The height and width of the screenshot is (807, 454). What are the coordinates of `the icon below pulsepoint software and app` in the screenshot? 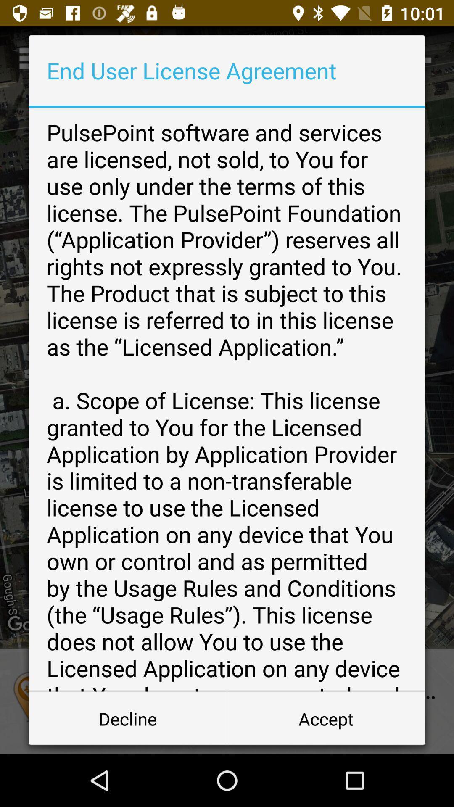 It's located at (325, 718).